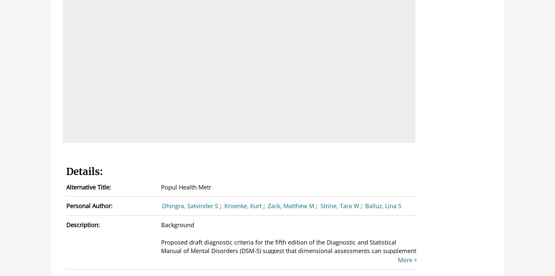 The width and height of the screenshot is (555, 276). What do you see at coordinates (339, 205) in the screenshot?
I see `'Strine, Tara W'` at bounding box center [339, 205].